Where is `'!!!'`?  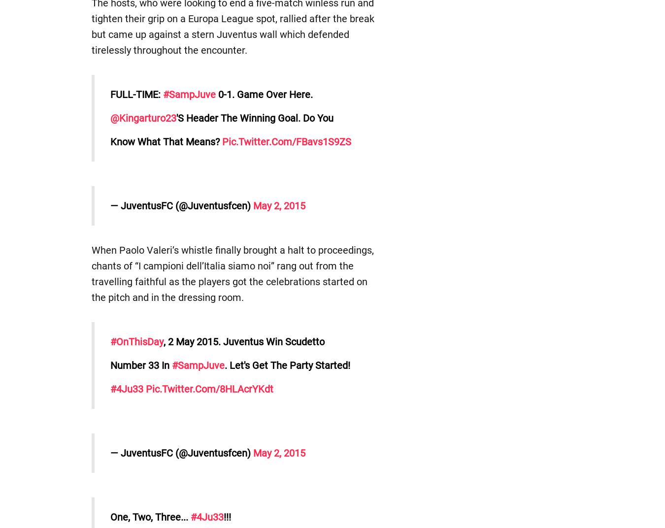
'!!!' is located at coordinates (223, 517).